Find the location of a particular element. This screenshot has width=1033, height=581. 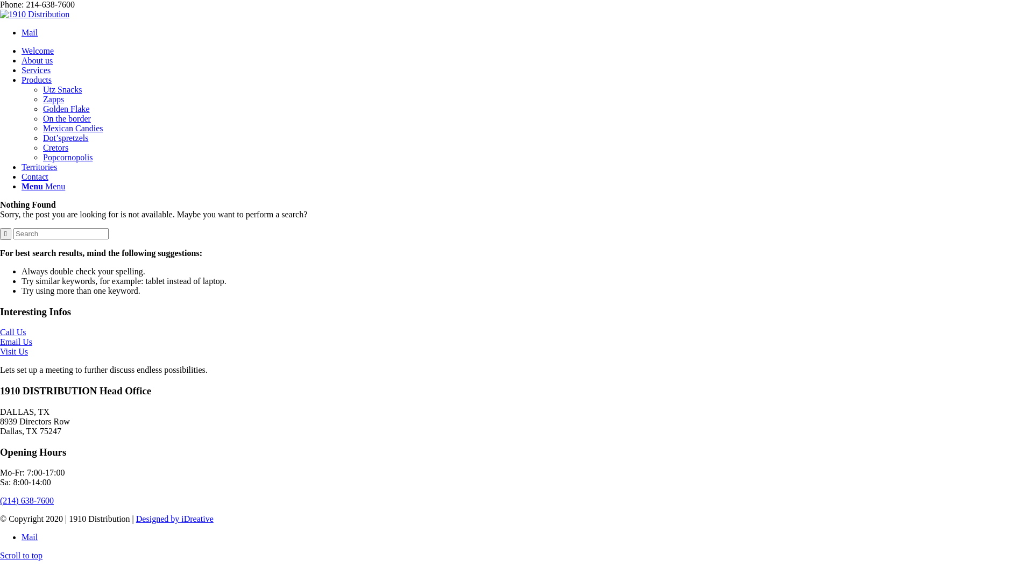

'Contact' is located at coordinates (35, 176).